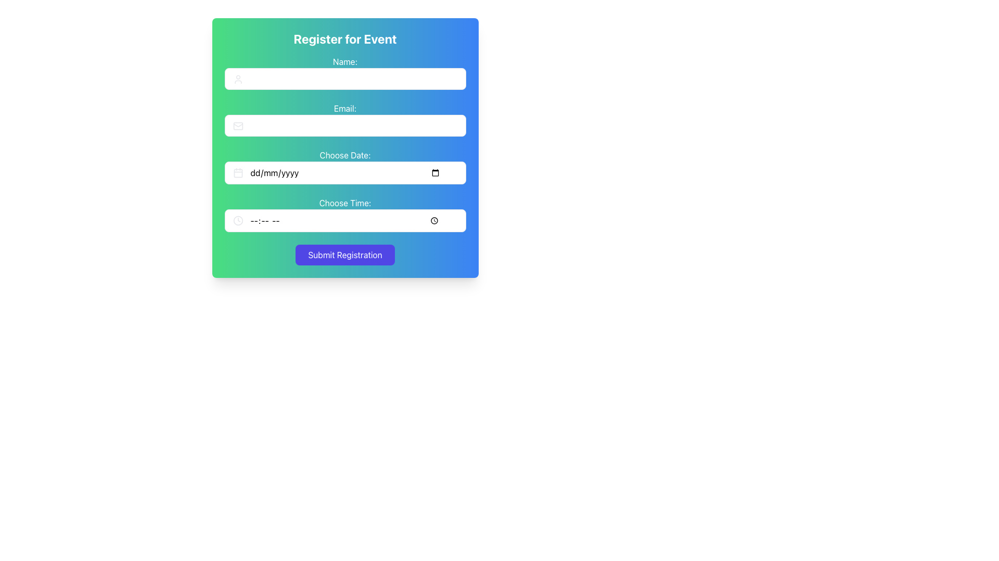  I want to click on text from the label indicating the purpose of the input field for the user's name, which is positioned above the input field in the form, so click(345, 62).